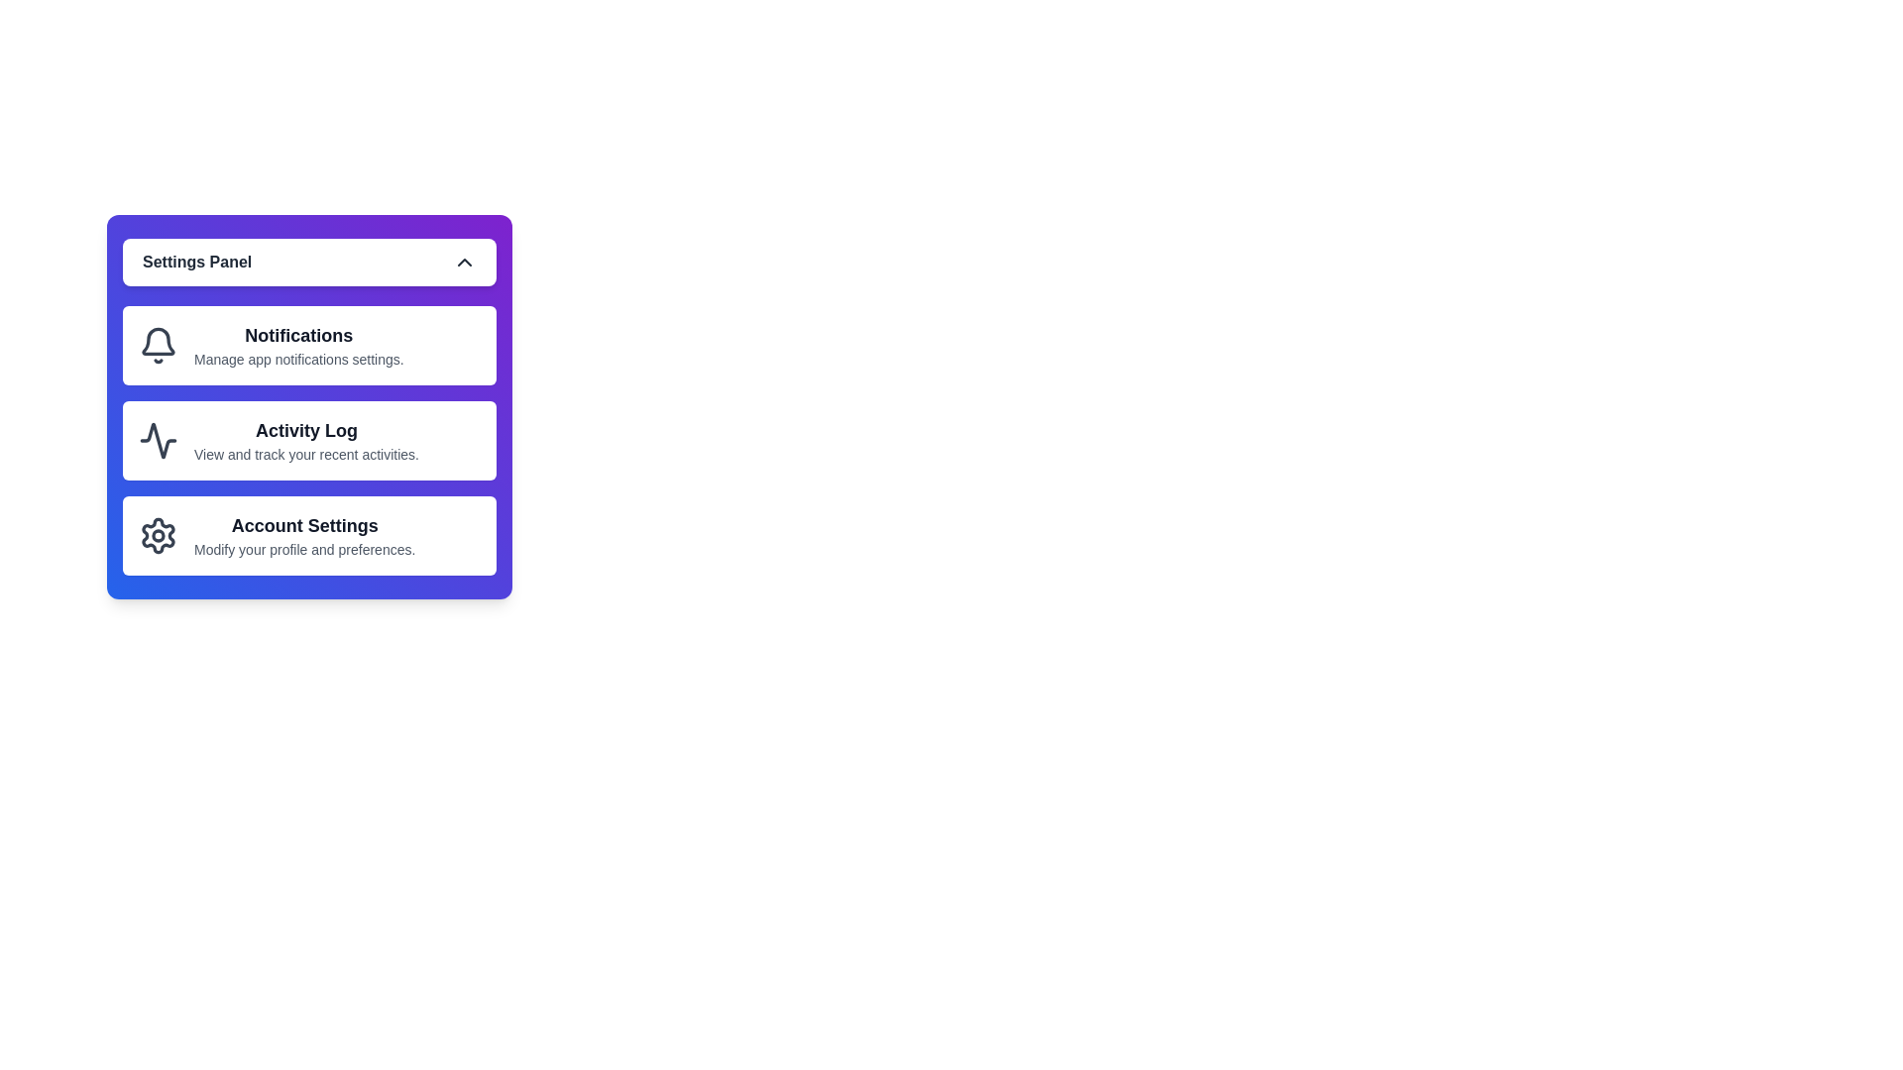  Describe the element at coordinates (308, 344) in the screenshot. I see `the 'Notifications' option in the menu panel` at that location.